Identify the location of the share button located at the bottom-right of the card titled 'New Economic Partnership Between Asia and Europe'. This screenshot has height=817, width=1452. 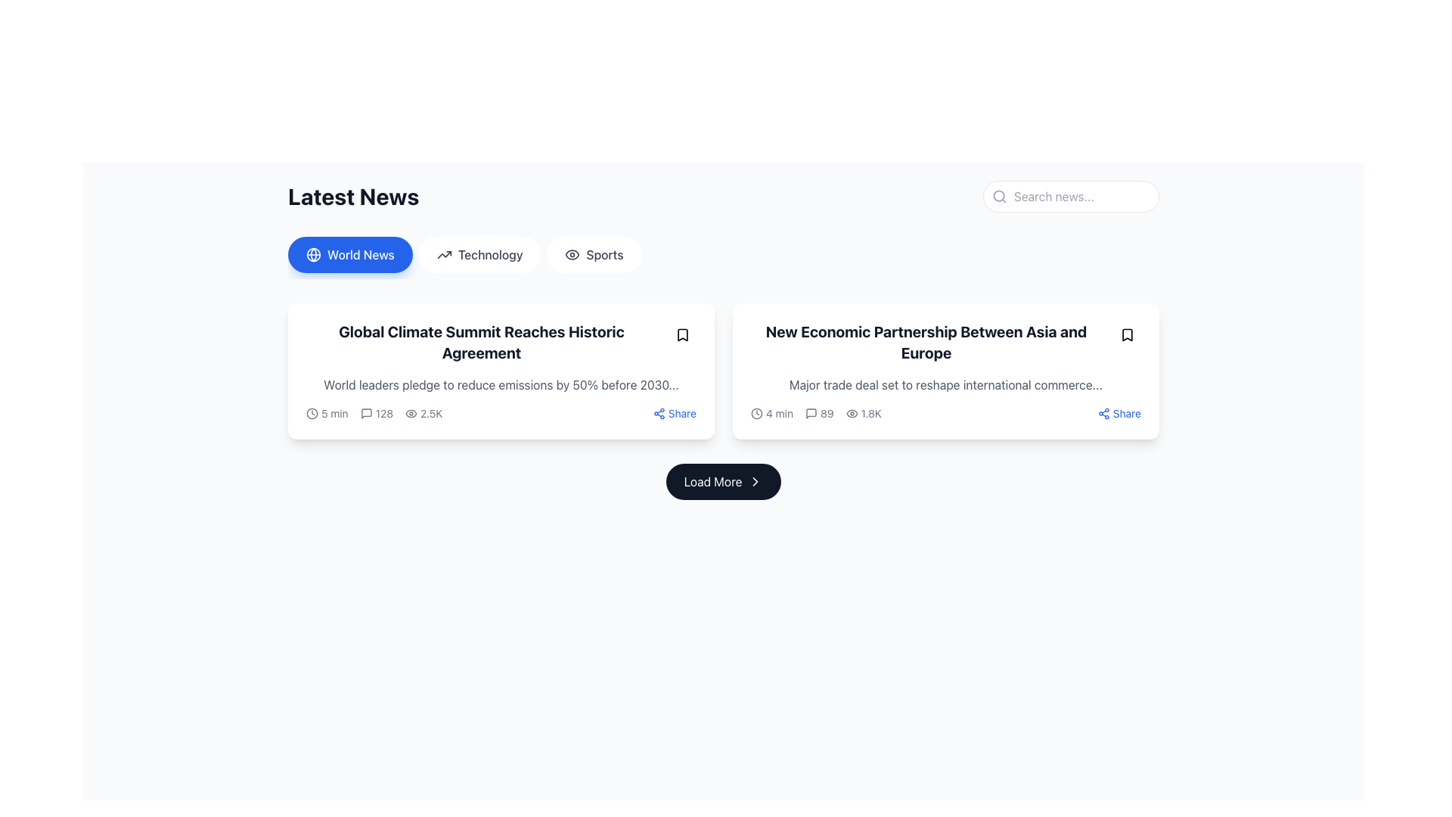
(1119, 414).